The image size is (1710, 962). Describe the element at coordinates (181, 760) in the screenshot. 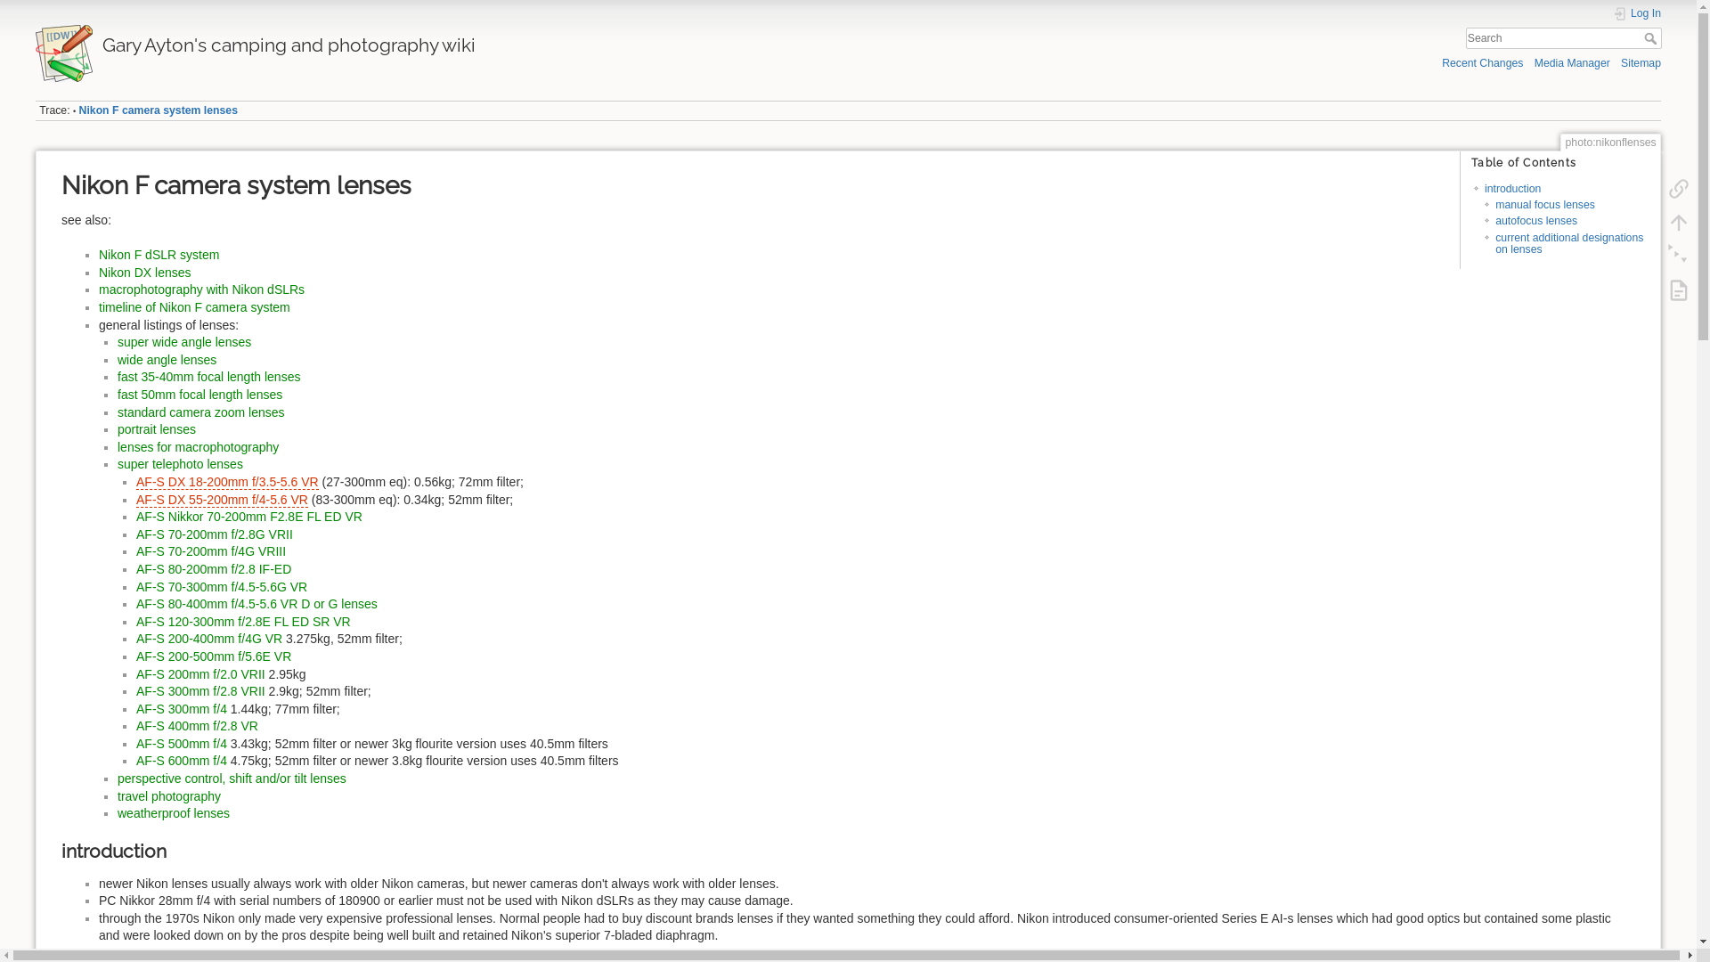

I see `'AF-S 600mm f/4'` at that location.